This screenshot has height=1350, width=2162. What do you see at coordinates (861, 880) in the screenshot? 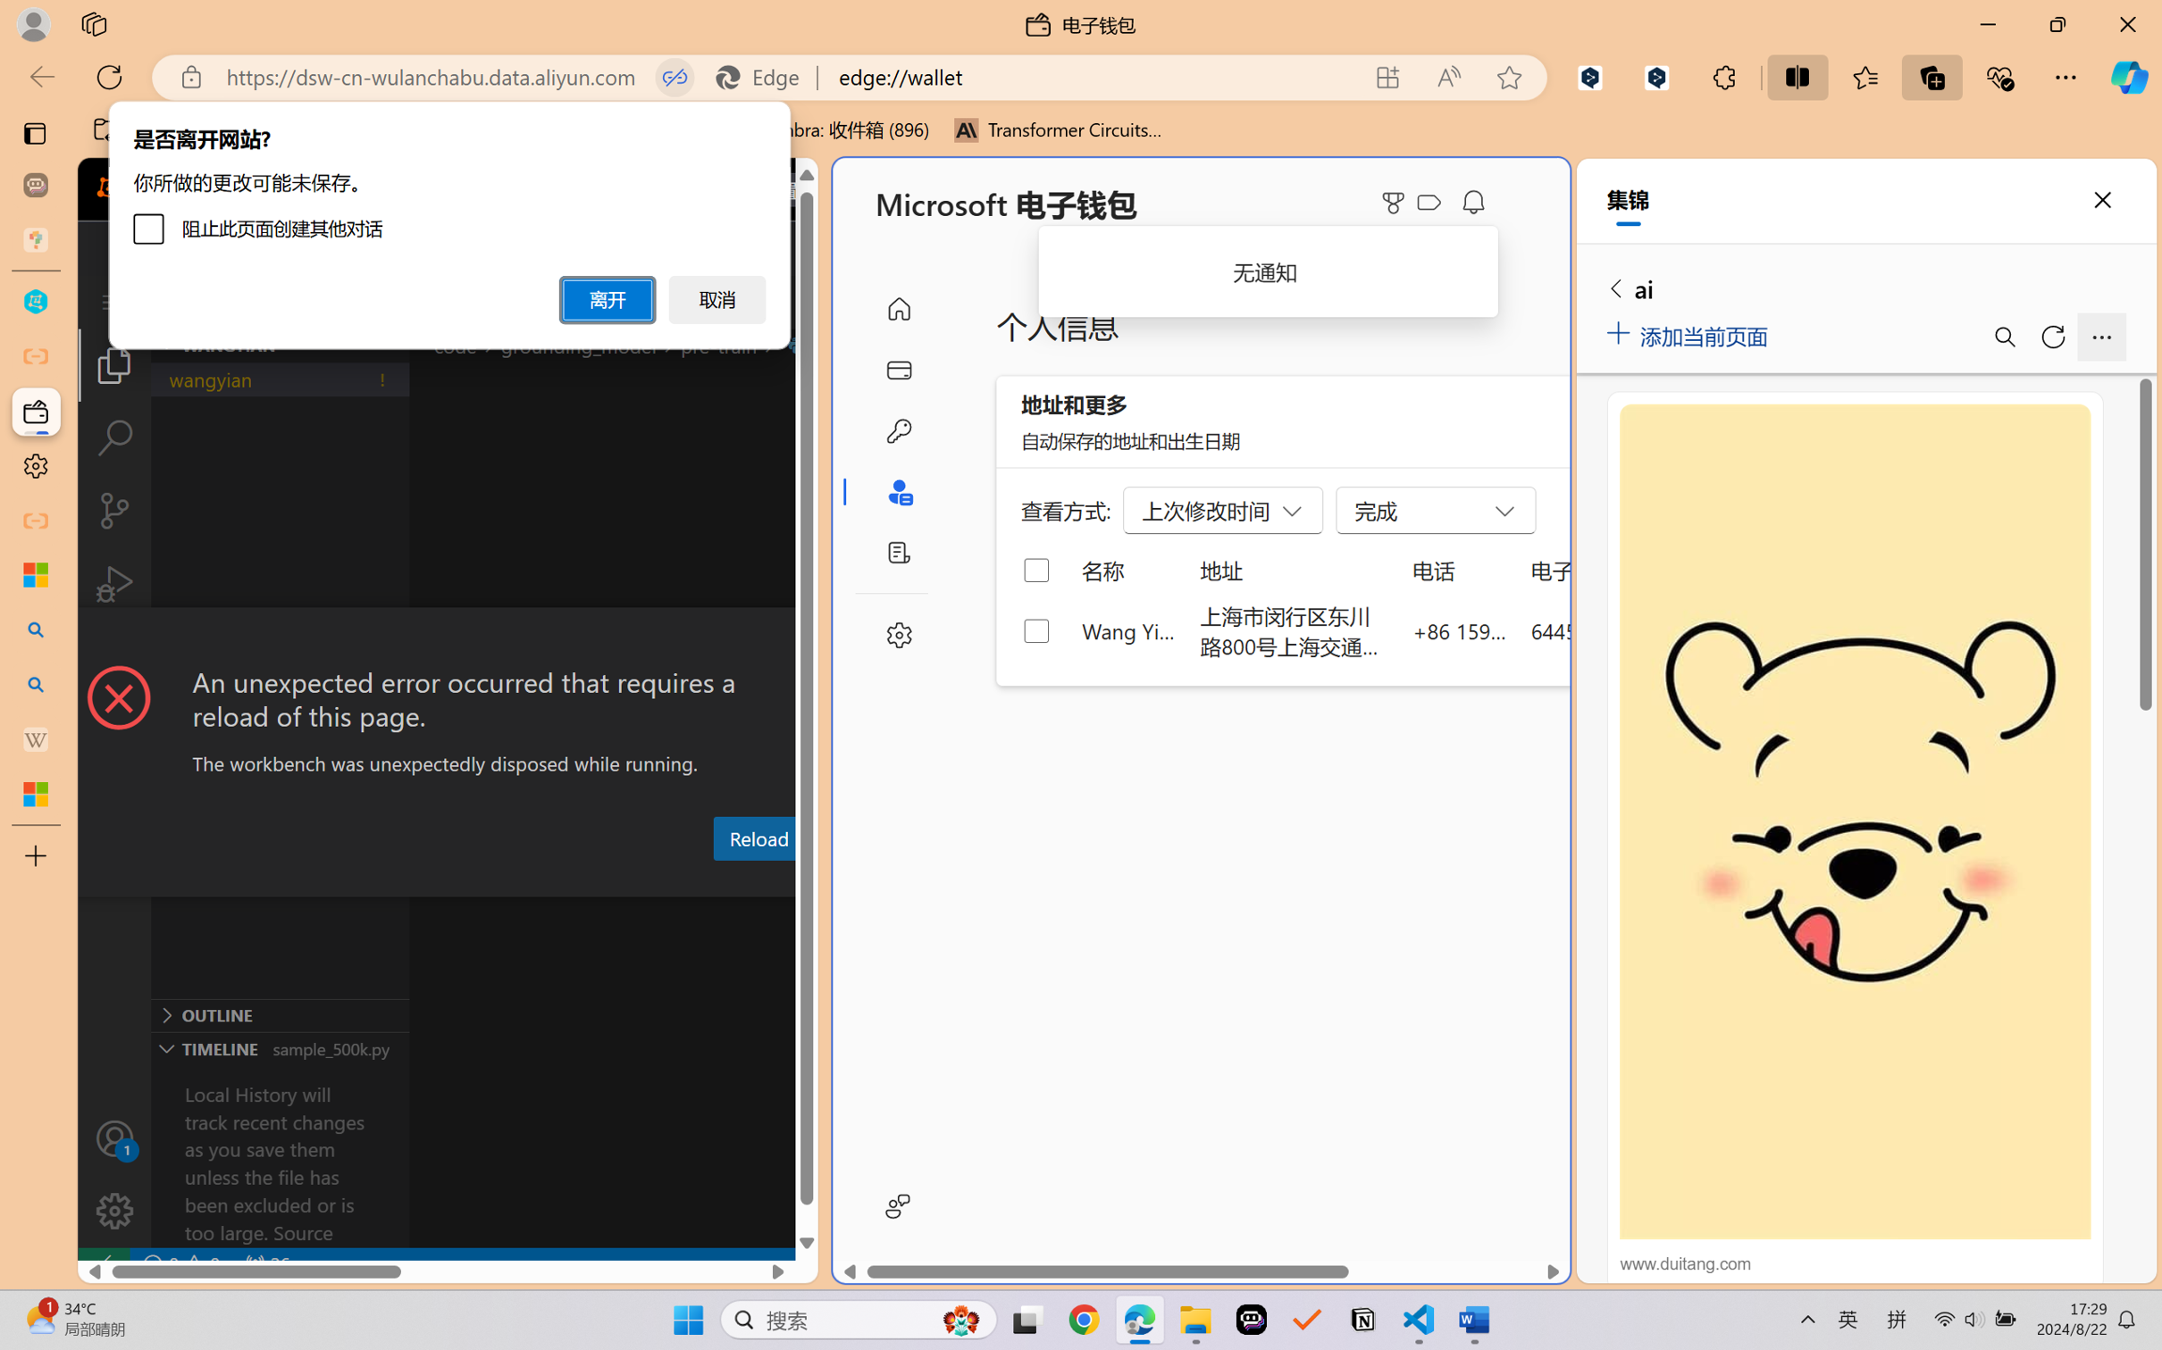
I see `'Terminal (Ctrl+`)'` at bounding box center [861, 880].